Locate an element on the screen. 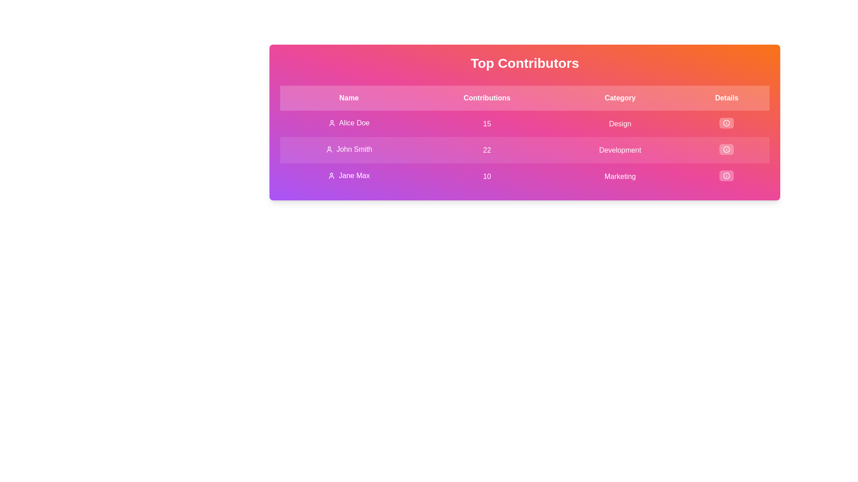 This screenshot has width=858, height=482. the SVG circle shape in the 'Details' column of the 'Top Contributors' table corresponding to 'Development.' is located at coordinates (727, 149).